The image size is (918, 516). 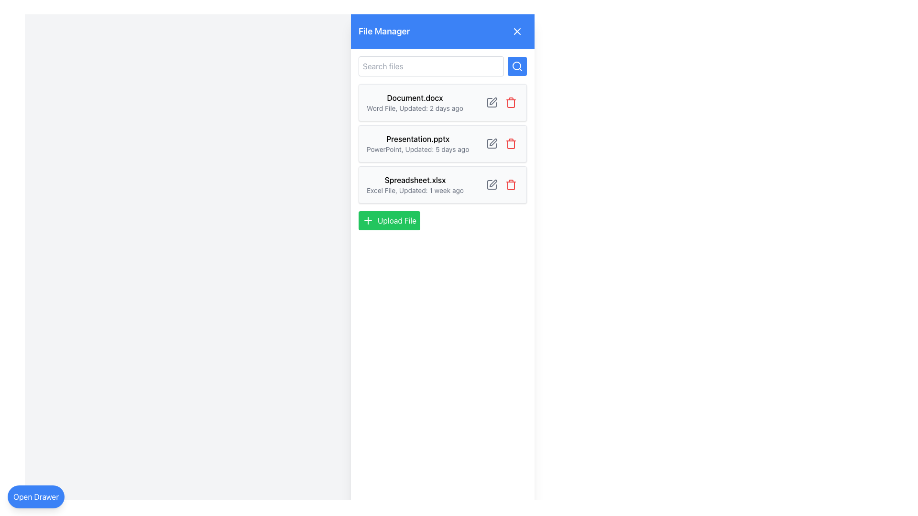 What do you see at coordinates (415, 190) in the screenshot?
I see `the text label that contains 'Excel File, Updated: 1 week ago' which is located below the title 'Spreadsheet.xlsx' in the third file item of the list` at bounding box center [415, 190].